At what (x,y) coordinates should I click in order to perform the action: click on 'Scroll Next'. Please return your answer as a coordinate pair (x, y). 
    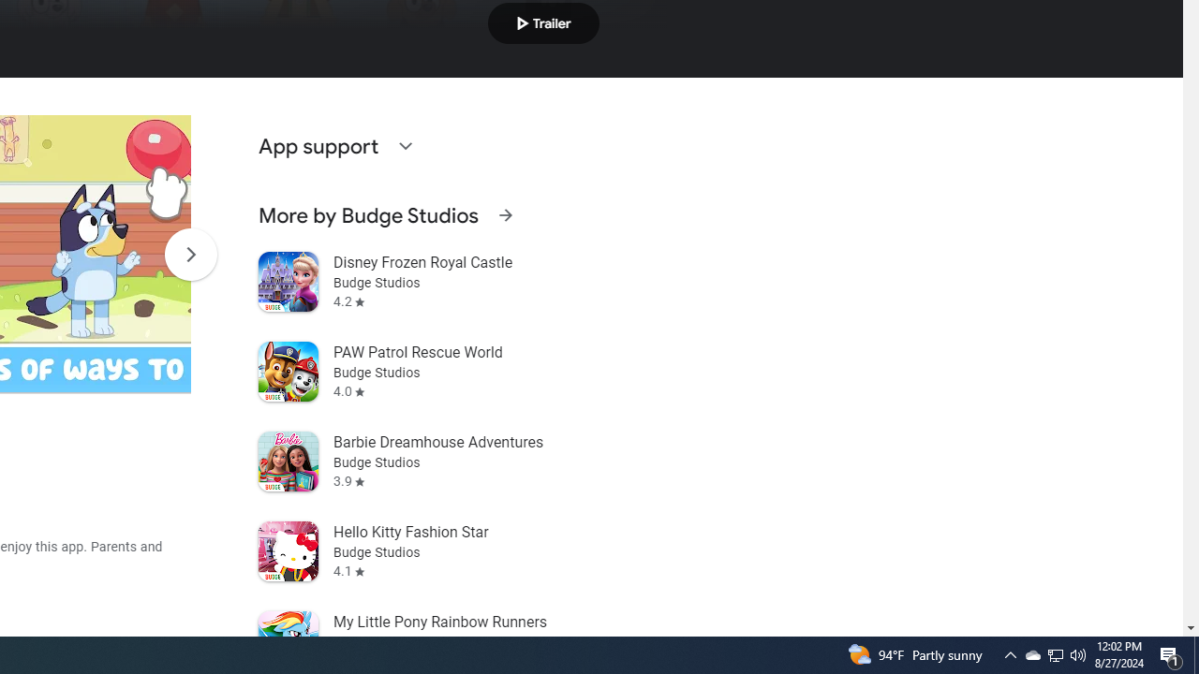
    Looking at the image, I should click on (190, 255).